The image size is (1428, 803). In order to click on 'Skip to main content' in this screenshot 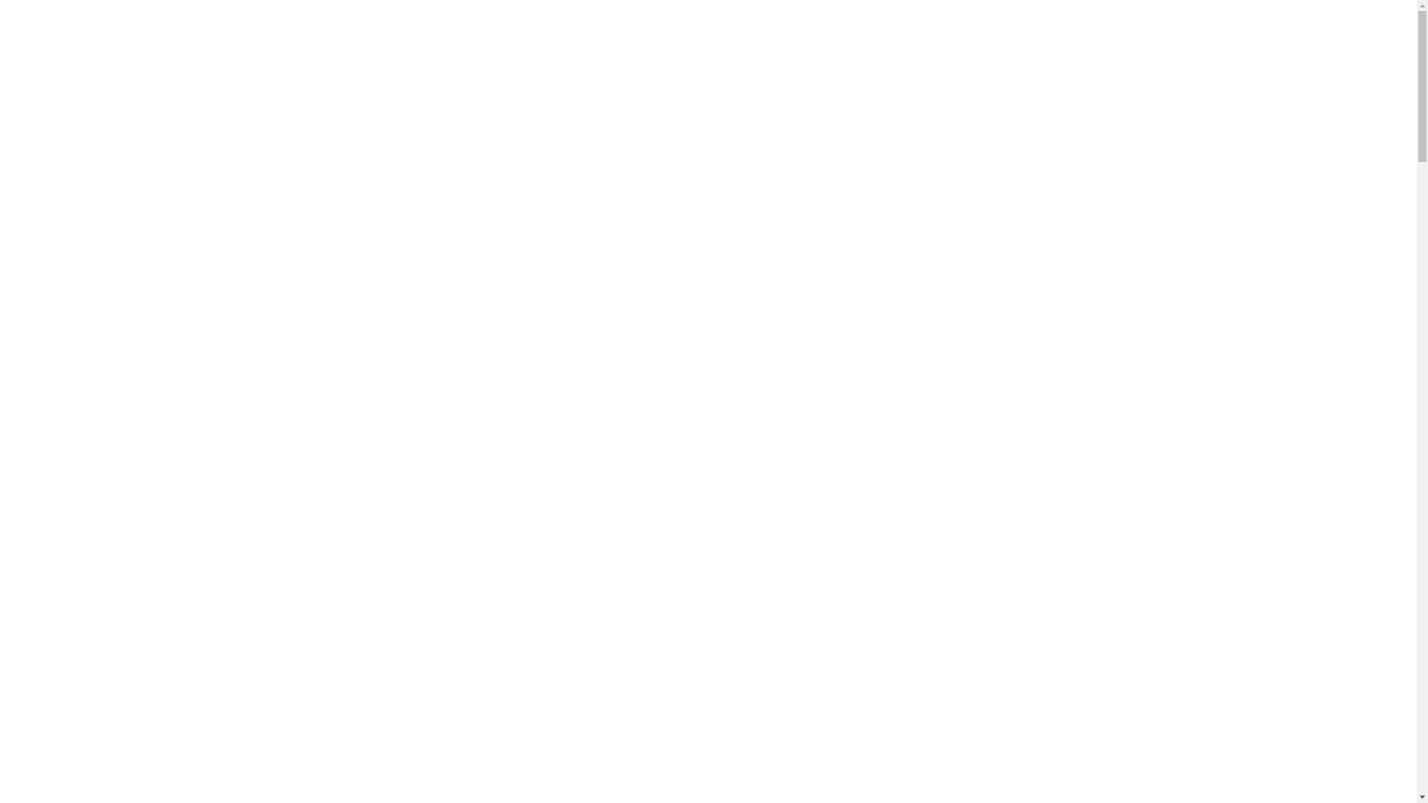, I will do `click(4, 5)`.